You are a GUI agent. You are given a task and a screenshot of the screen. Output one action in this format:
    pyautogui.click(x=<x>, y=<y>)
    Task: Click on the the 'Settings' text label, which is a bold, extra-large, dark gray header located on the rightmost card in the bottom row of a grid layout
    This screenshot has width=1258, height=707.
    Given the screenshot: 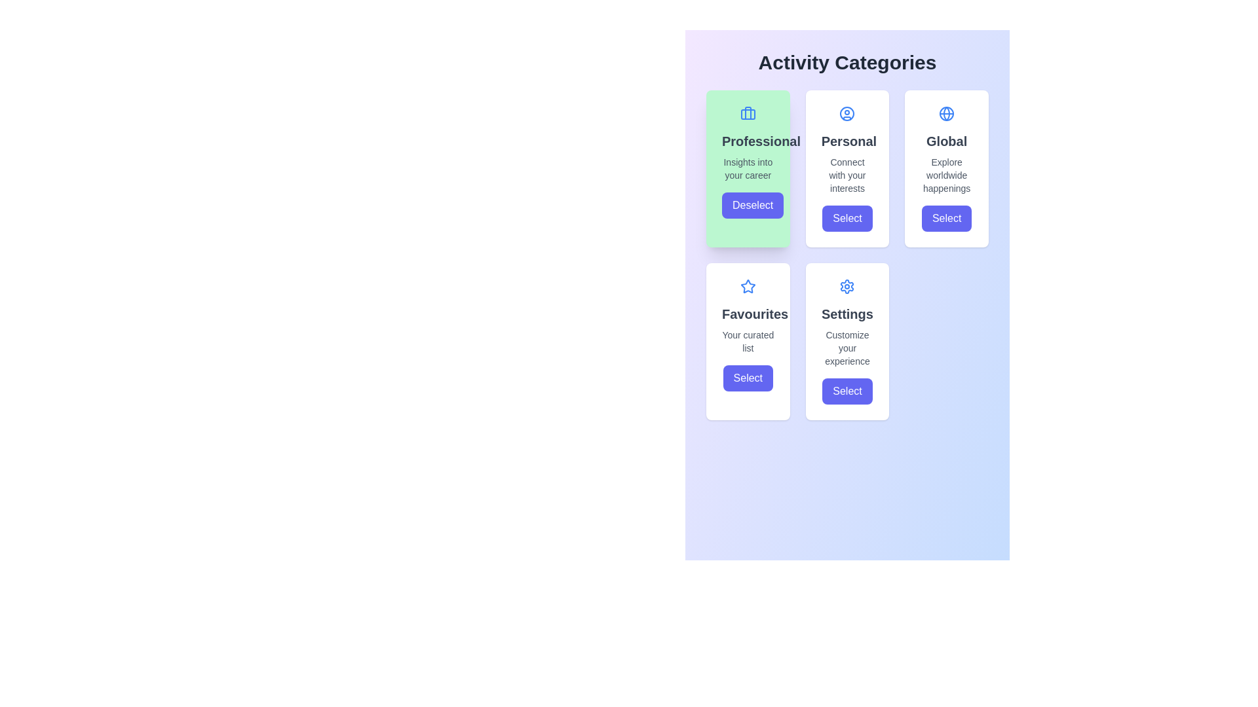 What is the action you would take?
    pyautogui.click(x=847, y=314)
    